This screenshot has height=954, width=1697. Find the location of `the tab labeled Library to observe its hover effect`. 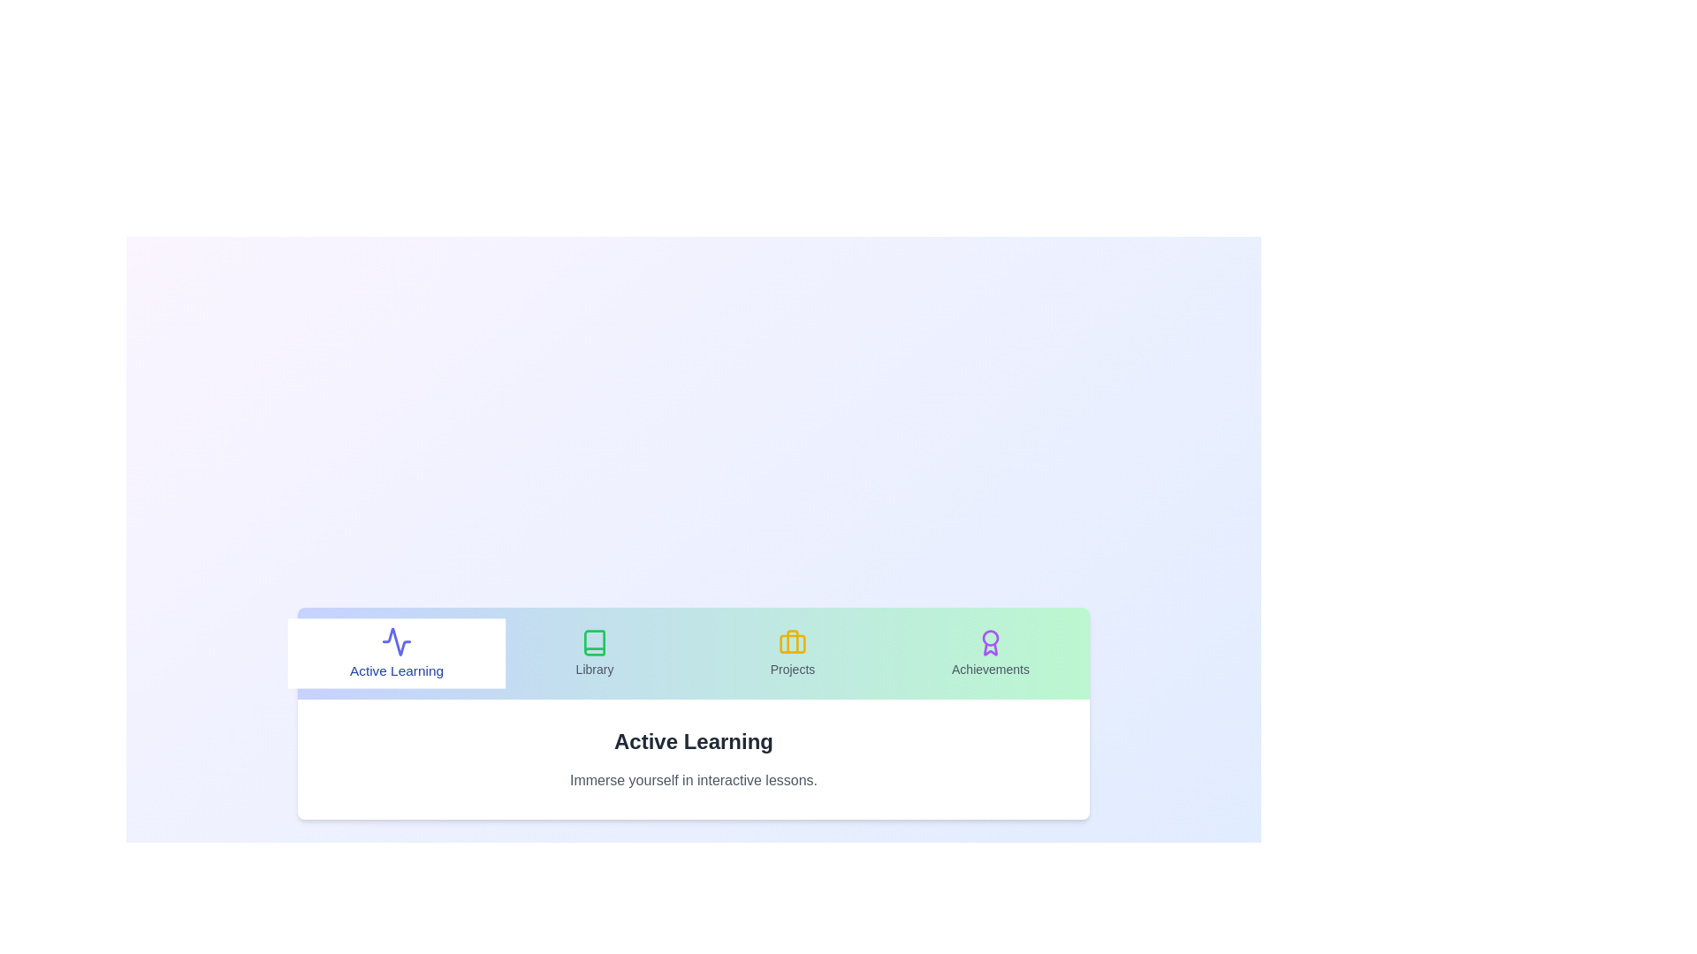

the tab labeled Library to observe its hover effect is located at coordinates (594, 654).